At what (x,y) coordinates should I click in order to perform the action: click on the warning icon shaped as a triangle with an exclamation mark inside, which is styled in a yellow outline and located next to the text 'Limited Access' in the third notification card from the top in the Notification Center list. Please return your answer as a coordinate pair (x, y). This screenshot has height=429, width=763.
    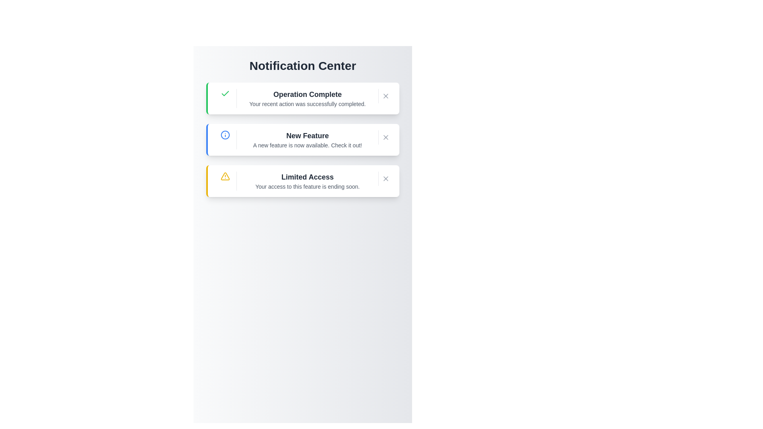
    Looking at the image, I should click on (225, 176).